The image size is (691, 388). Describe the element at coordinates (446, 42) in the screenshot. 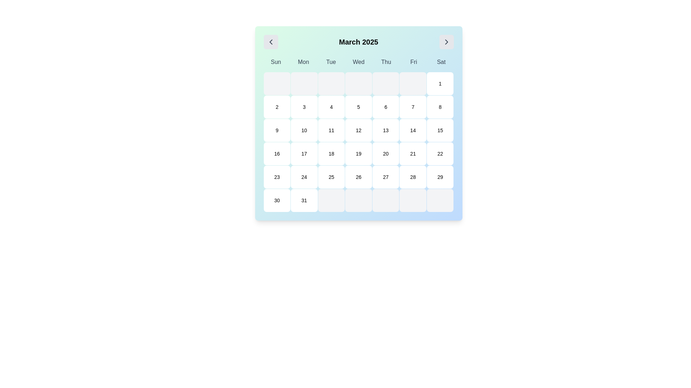

I see `the navigational button for moving to the next month in the calendar view to indicate its active state` at that location.